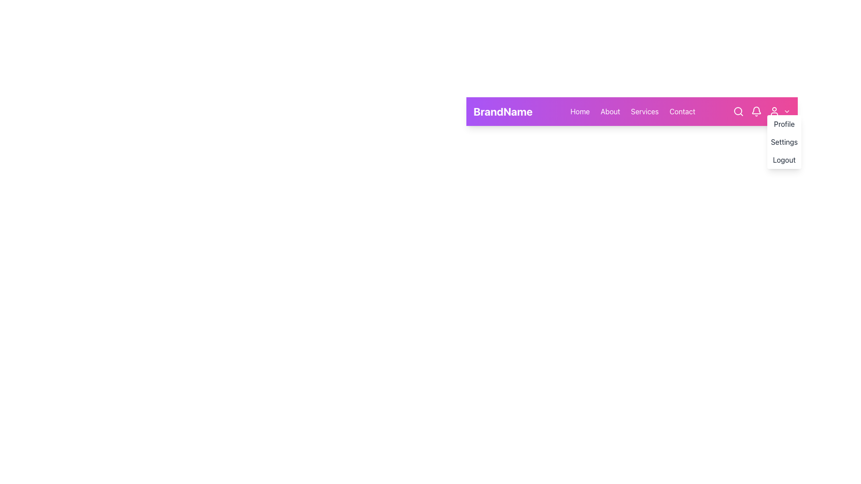  What do you see at coordinates (787, 111) in the screenshot?
I see `the downward-pointing chevron icon located at the far right end of the navigation bar, adjacent to the user profile icon` at bounding box center [787, 111].